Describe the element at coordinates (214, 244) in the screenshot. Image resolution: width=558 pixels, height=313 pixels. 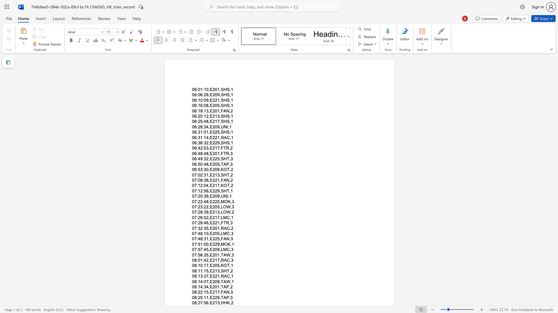
I see `the space between the continuous character "2" and "2" in the text` at that location.